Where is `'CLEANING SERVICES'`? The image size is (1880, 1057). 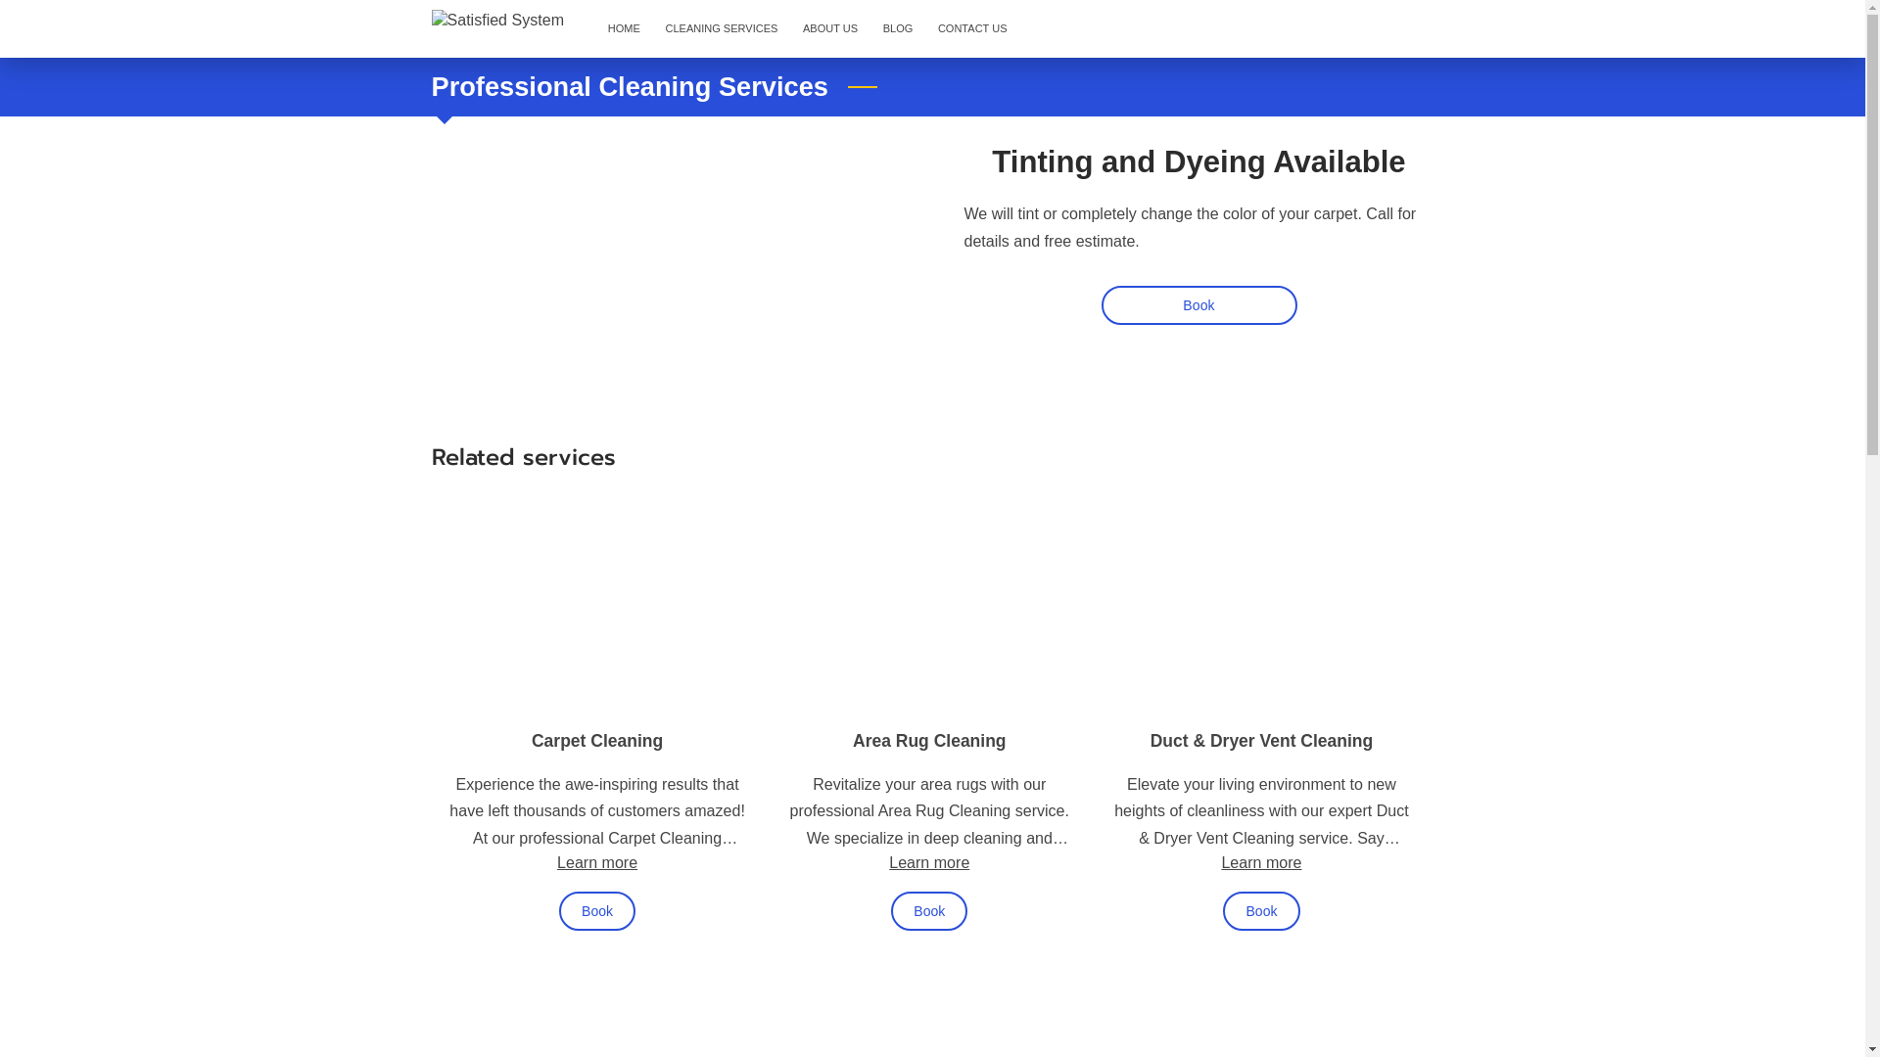
'CLEANING SERVICES' is located at coordinates (721, 29).